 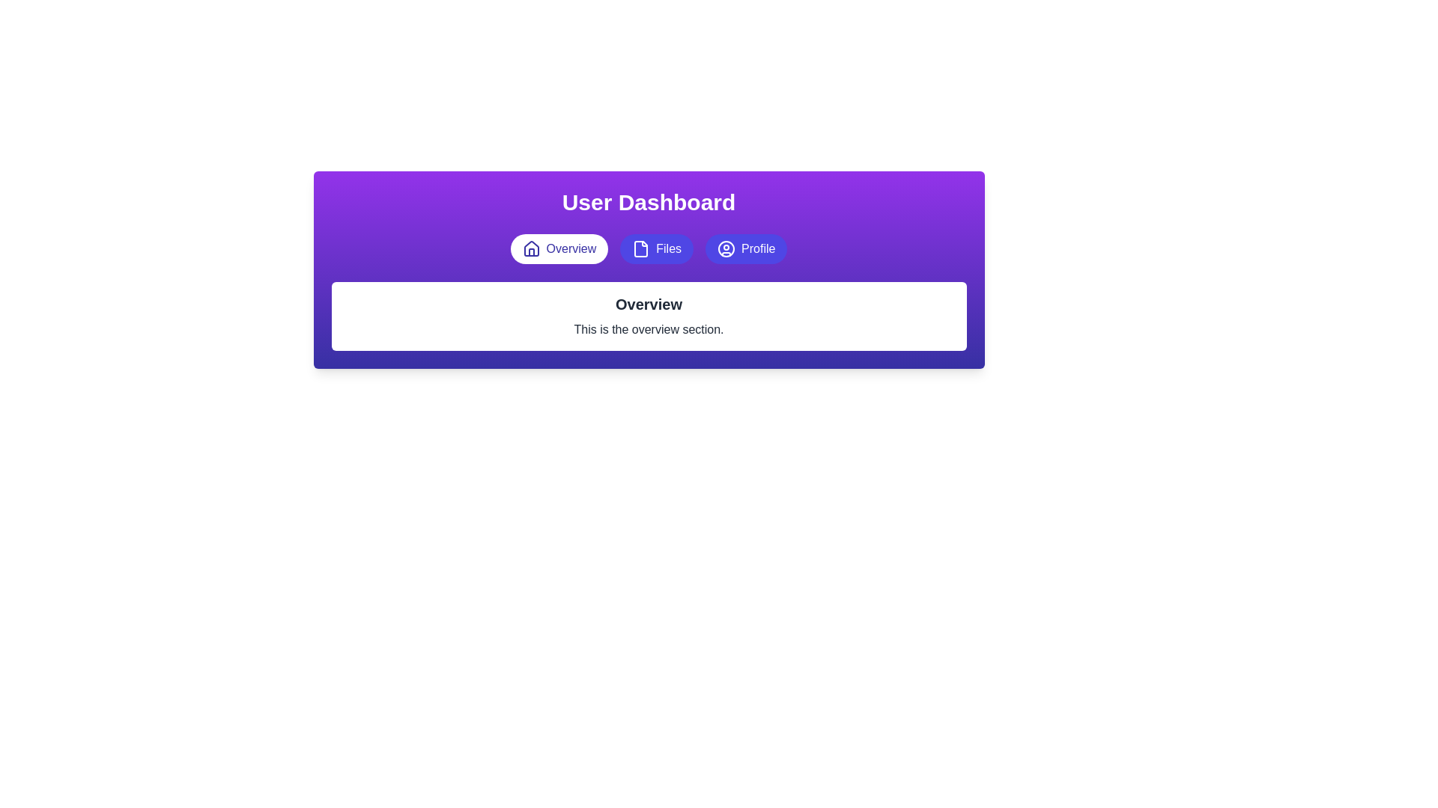 What do you see at coordinates (657, 248) in the screenshot?
I see `the 'Files' button located at the center of the button group on the User Dashboard to observe a visual state change` at bounding box center [657, 248].